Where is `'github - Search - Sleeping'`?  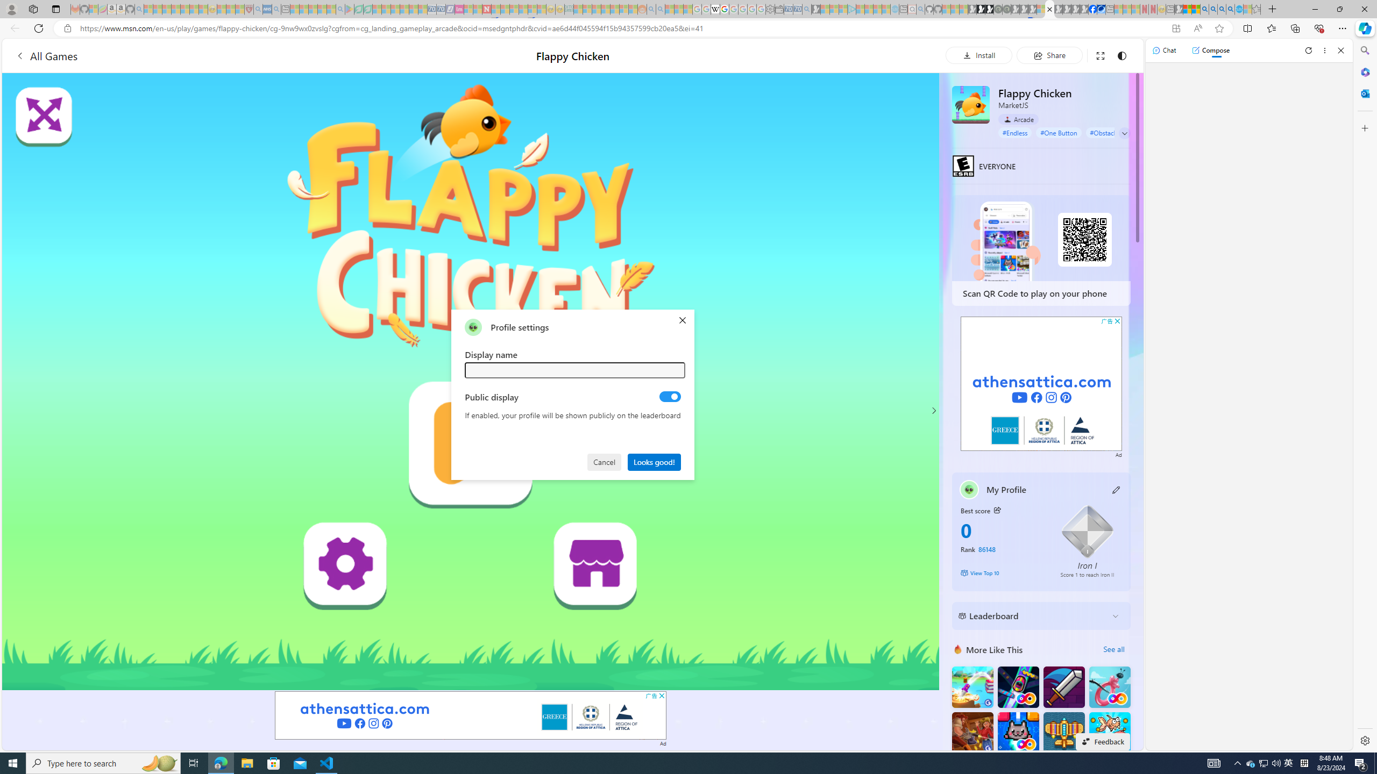
'github - Search - Sleeping' is located at coordinates (920, 9).